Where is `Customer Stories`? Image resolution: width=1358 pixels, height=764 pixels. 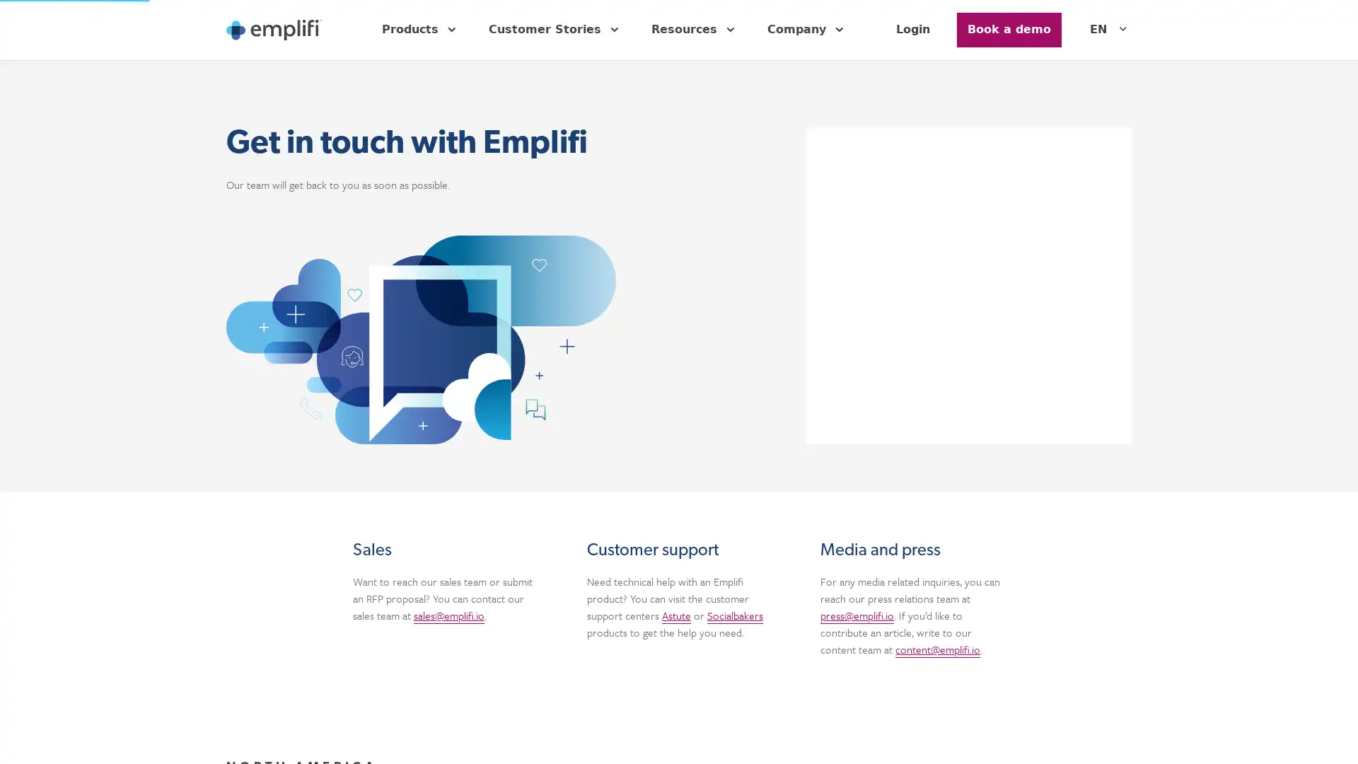 Customer Stories is located at coordinates (555, 30).